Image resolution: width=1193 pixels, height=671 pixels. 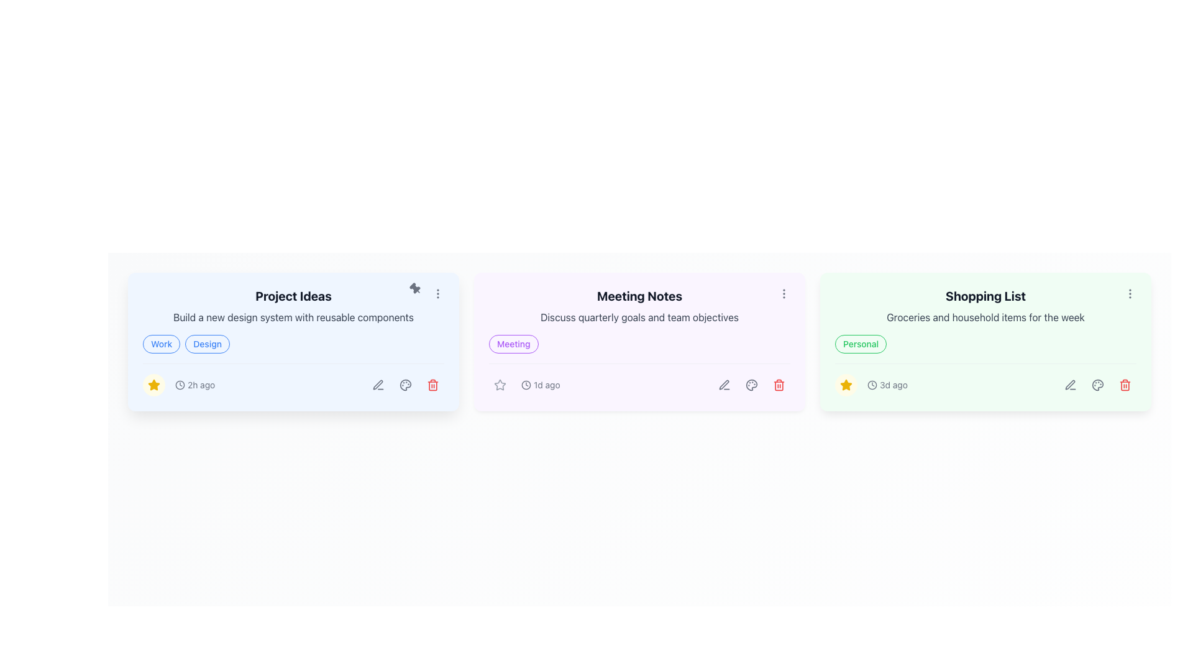 What do you see at coordinates (784, 294) in the screenshot?
I see `the action icon in the top-right of the 'Meeting Notes' card` at bounding box center [784, 294].